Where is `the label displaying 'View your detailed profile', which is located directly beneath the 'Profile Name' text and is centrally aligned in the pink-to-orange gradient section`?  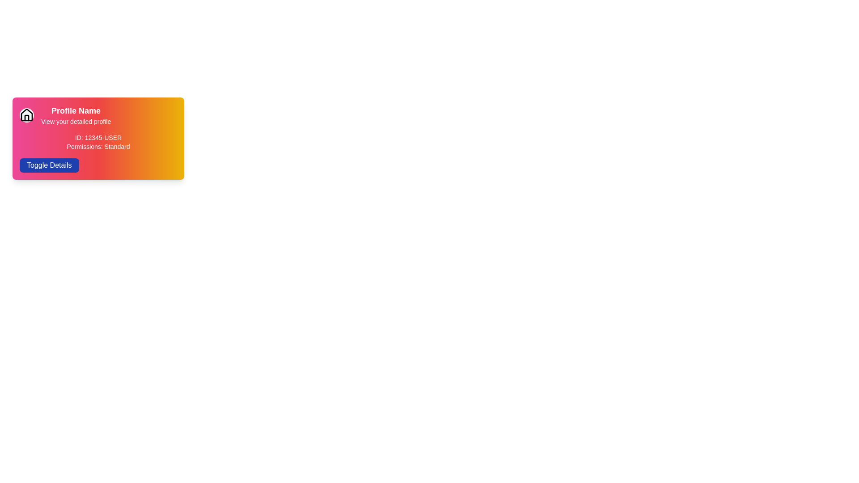 the label displaying 'View your detailed profile', which is located directly beneath the 'Profile Name' text and is centrally aligned in the pink-to-orange gradient section is located at coordinates (76, 122).